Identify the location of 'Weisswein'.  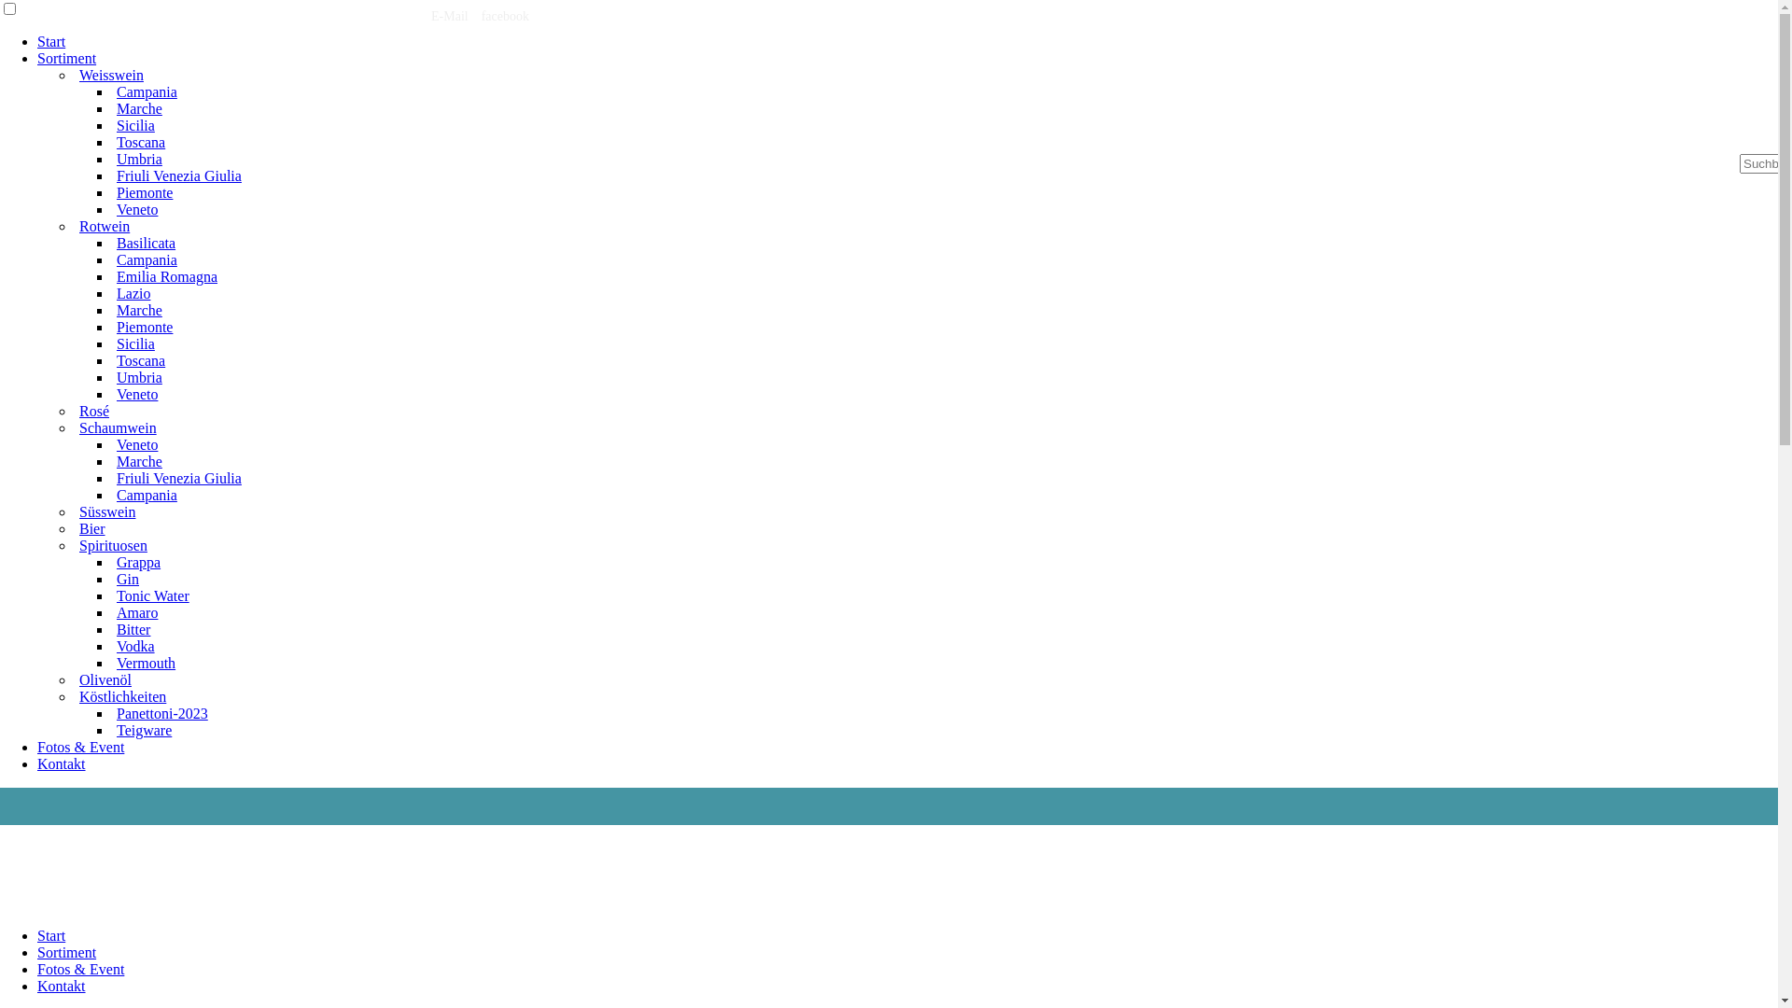
(110, 74).